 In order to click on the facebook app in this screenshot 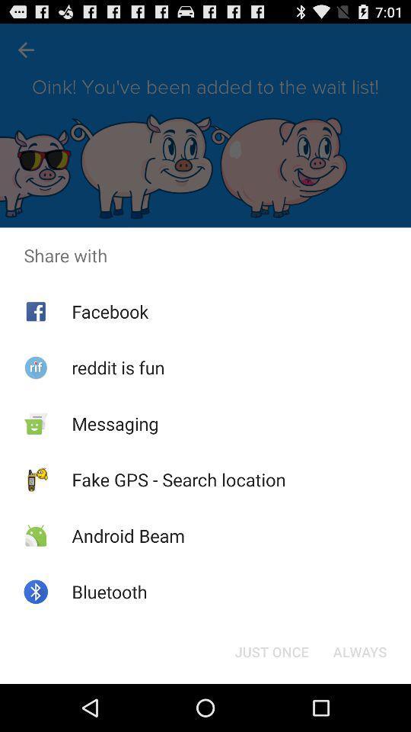, I will do `click(109, 310)`.